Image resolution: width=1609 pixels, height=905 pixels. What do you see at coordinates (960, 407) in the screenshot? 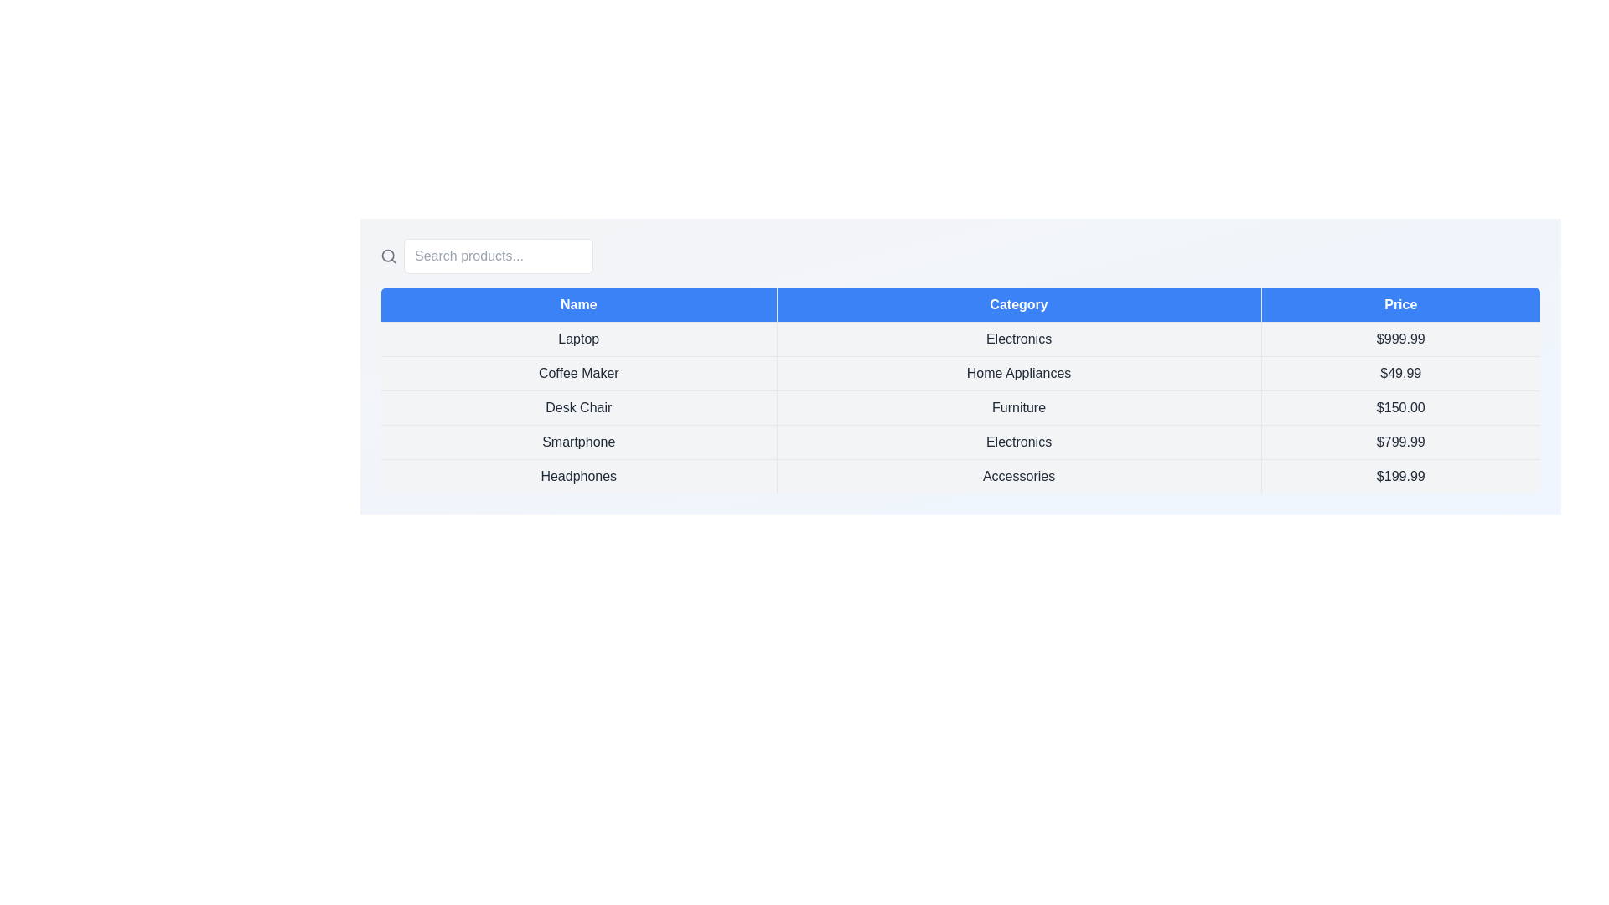
I see `the third row in the table that contains the texts 'Desk Chair', 'Furniture', and '$150.00', which is located centrally under the 'Name', 'Category', and 'Price' headers` at bounding box center [960, 407].